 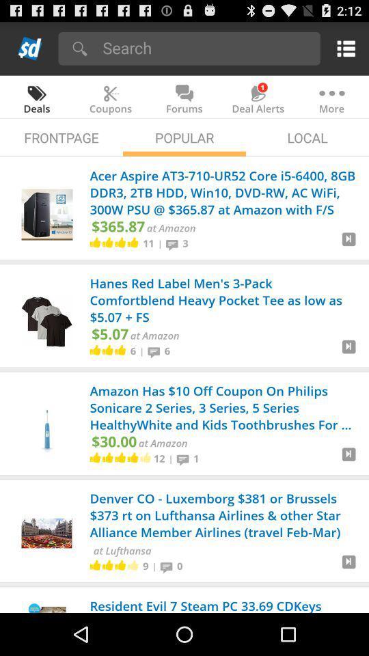 I want to click on to cart, so click(x=348, y=351).